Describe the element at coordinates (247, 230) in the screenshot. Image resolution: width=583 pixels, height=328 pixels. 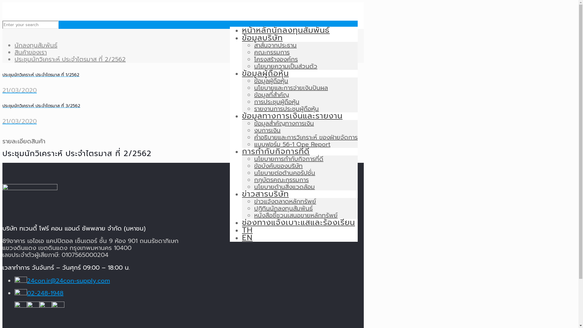
I see `'TH'` at that location.